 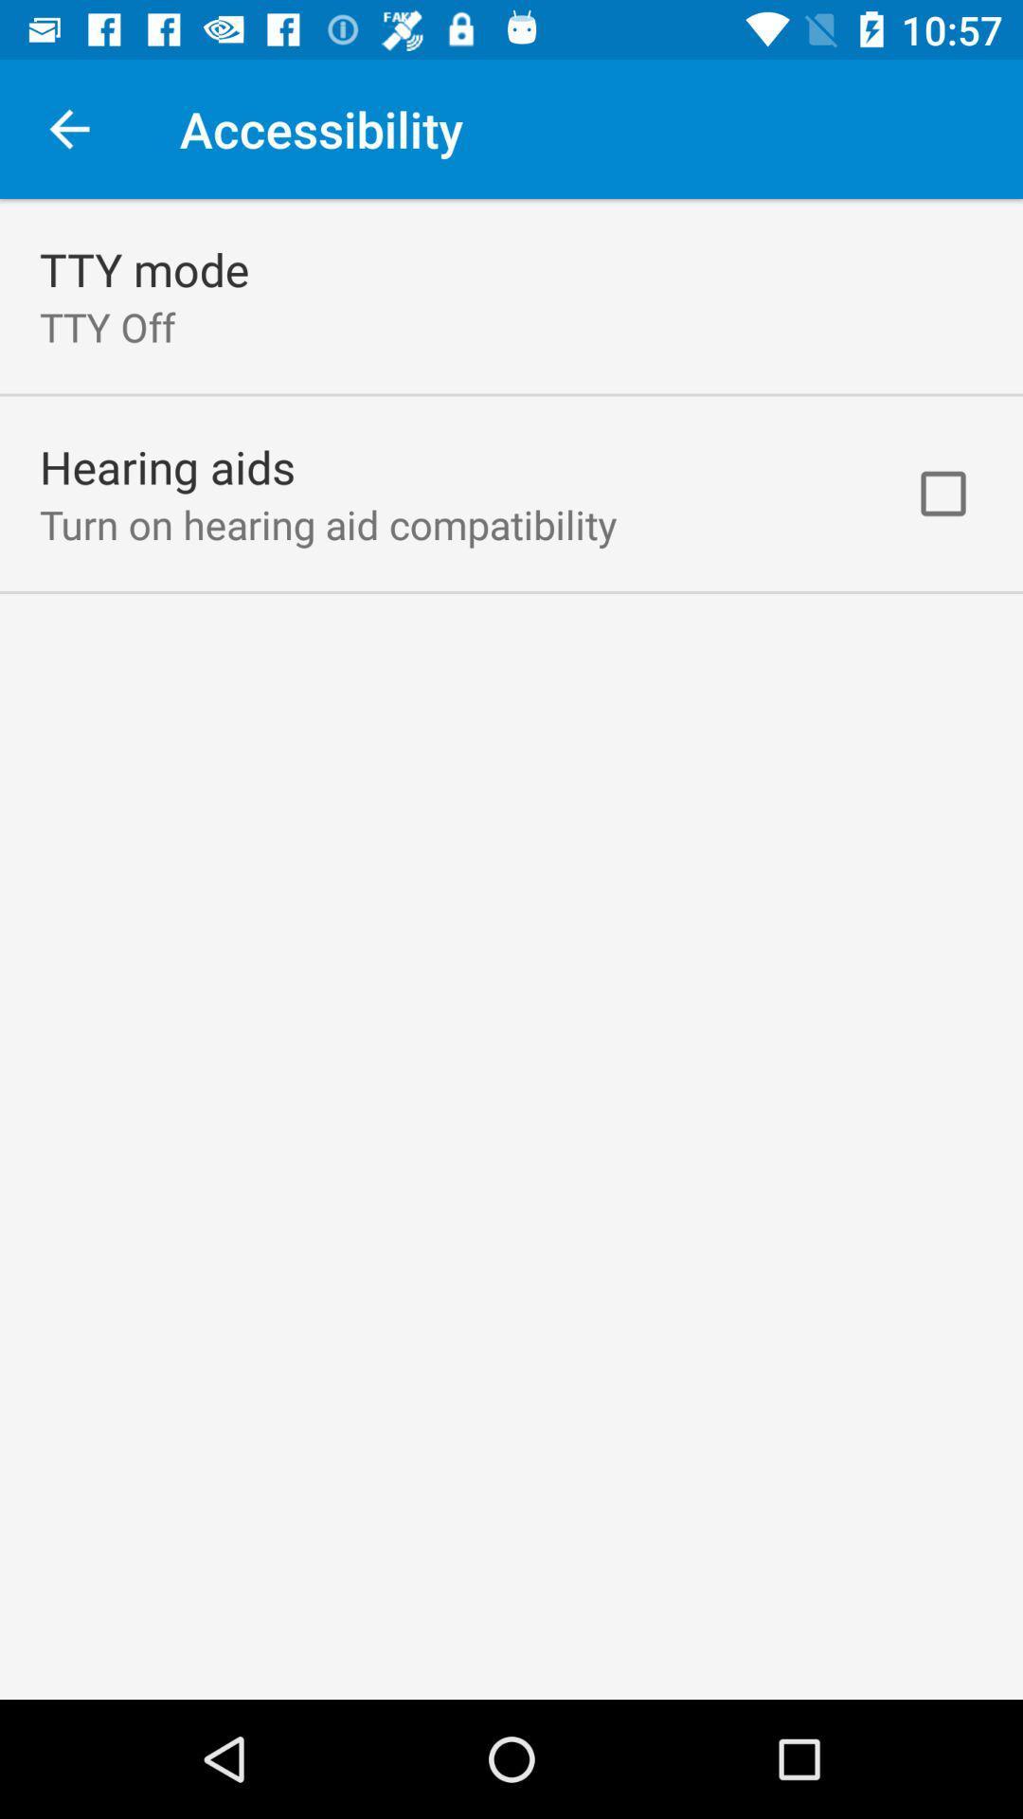 I want to click on icon above tty off app, so click(x=143, y=268).